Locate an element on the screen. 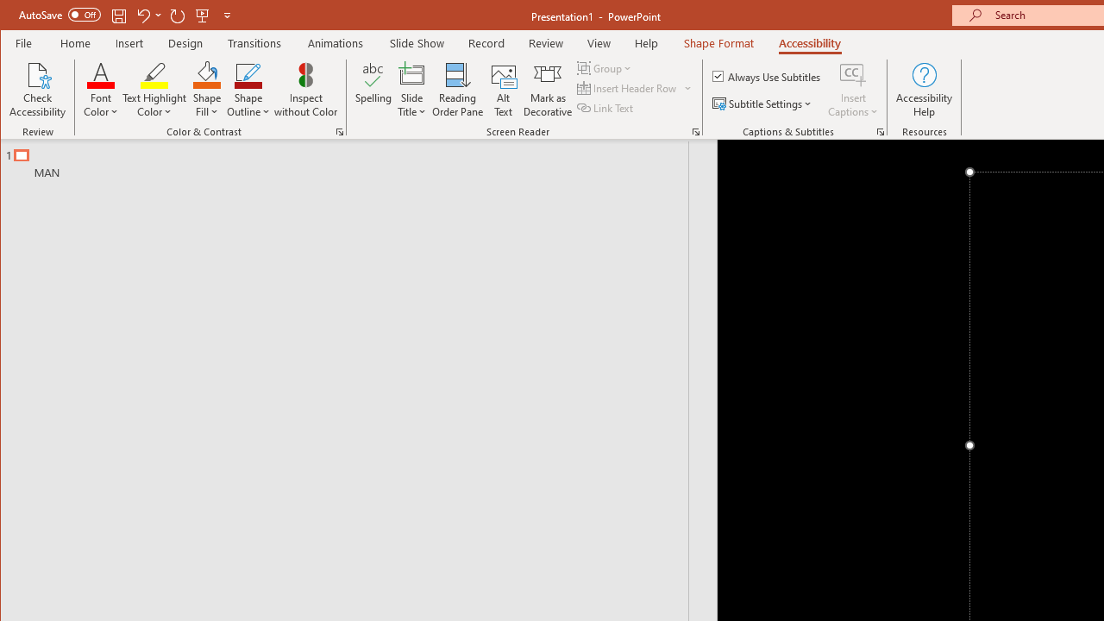 The width and height of the screenshot is (1104, 621). 'Redo' is located at coordinates (178, 15).